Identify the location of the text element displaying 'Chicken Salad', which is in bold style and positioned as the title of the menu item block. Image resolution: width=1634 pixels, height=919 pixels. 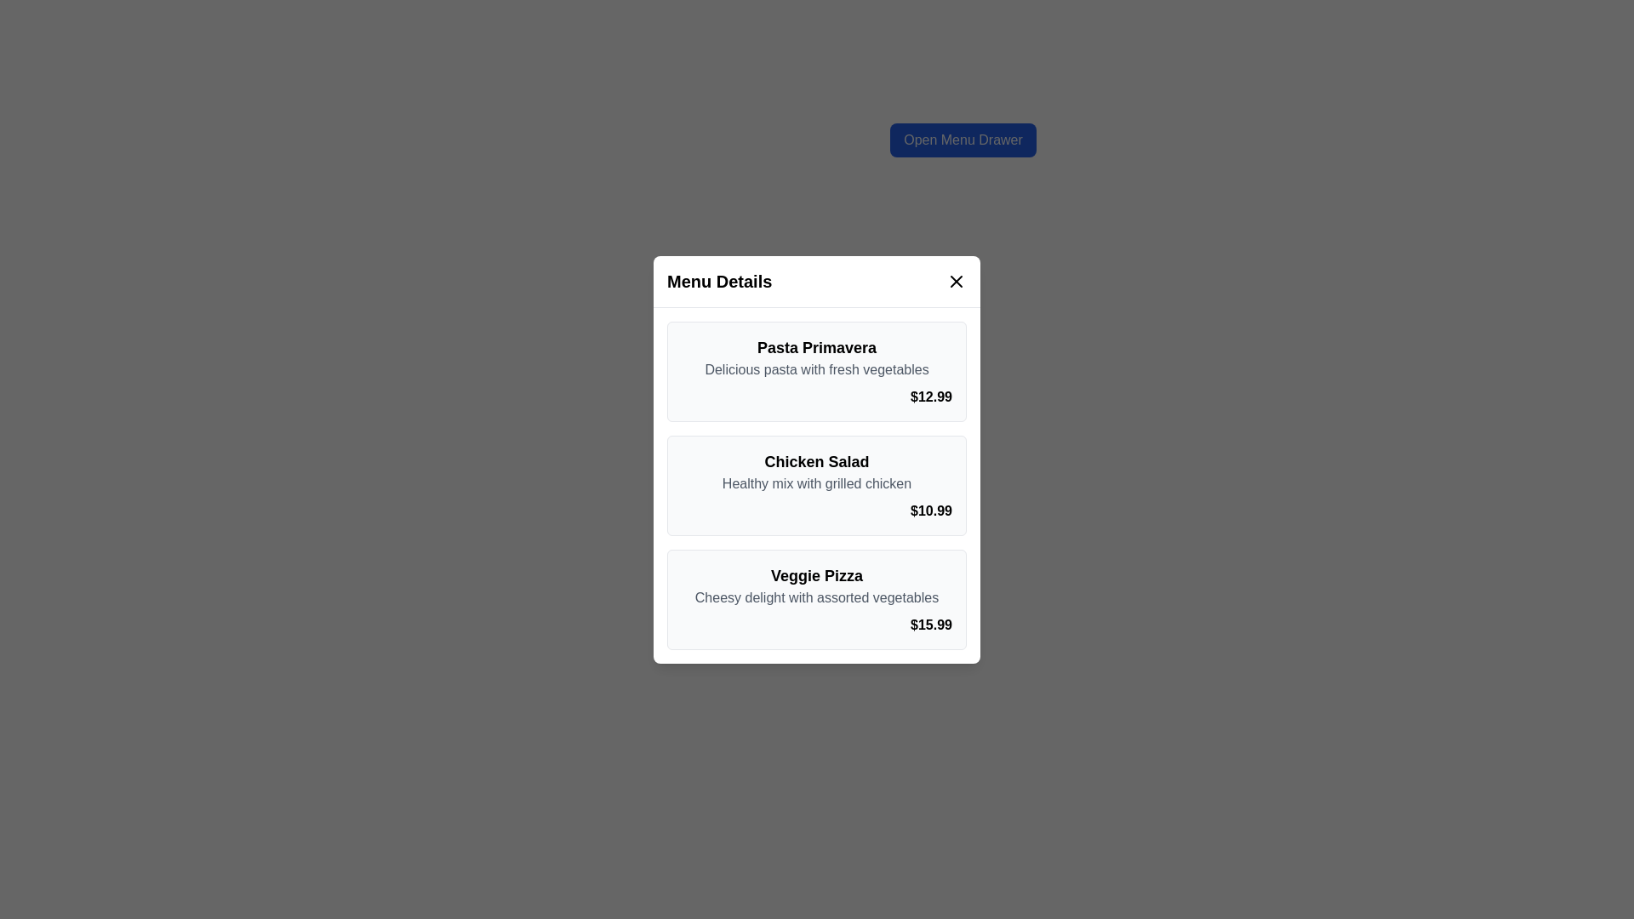
(817, 461).